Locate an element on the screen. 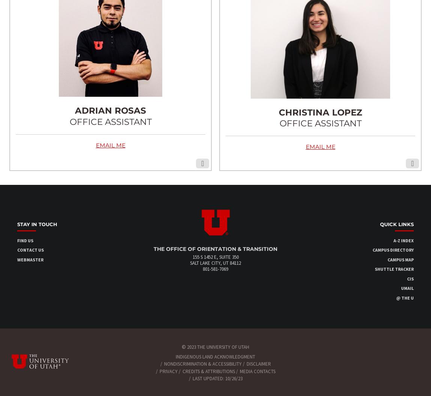 The height and width of the screenshot is (396, 431). 'Privacy' is located at coordinates (168, 371).